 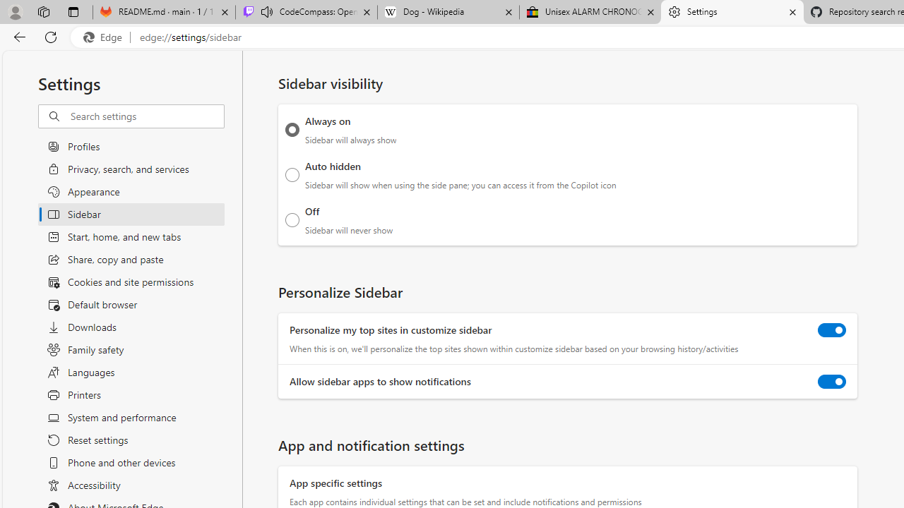 What do you see at coordinates (832, 382) in the screenshot?
I see `'Allow sidebar apps to show notifications'` at bounding box center [832, 382].